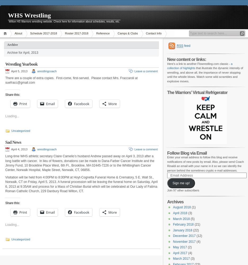 The height and width of the screenshot is (265, 248). I want to click on 'Wrestling Yearbook', so click(5, 64).